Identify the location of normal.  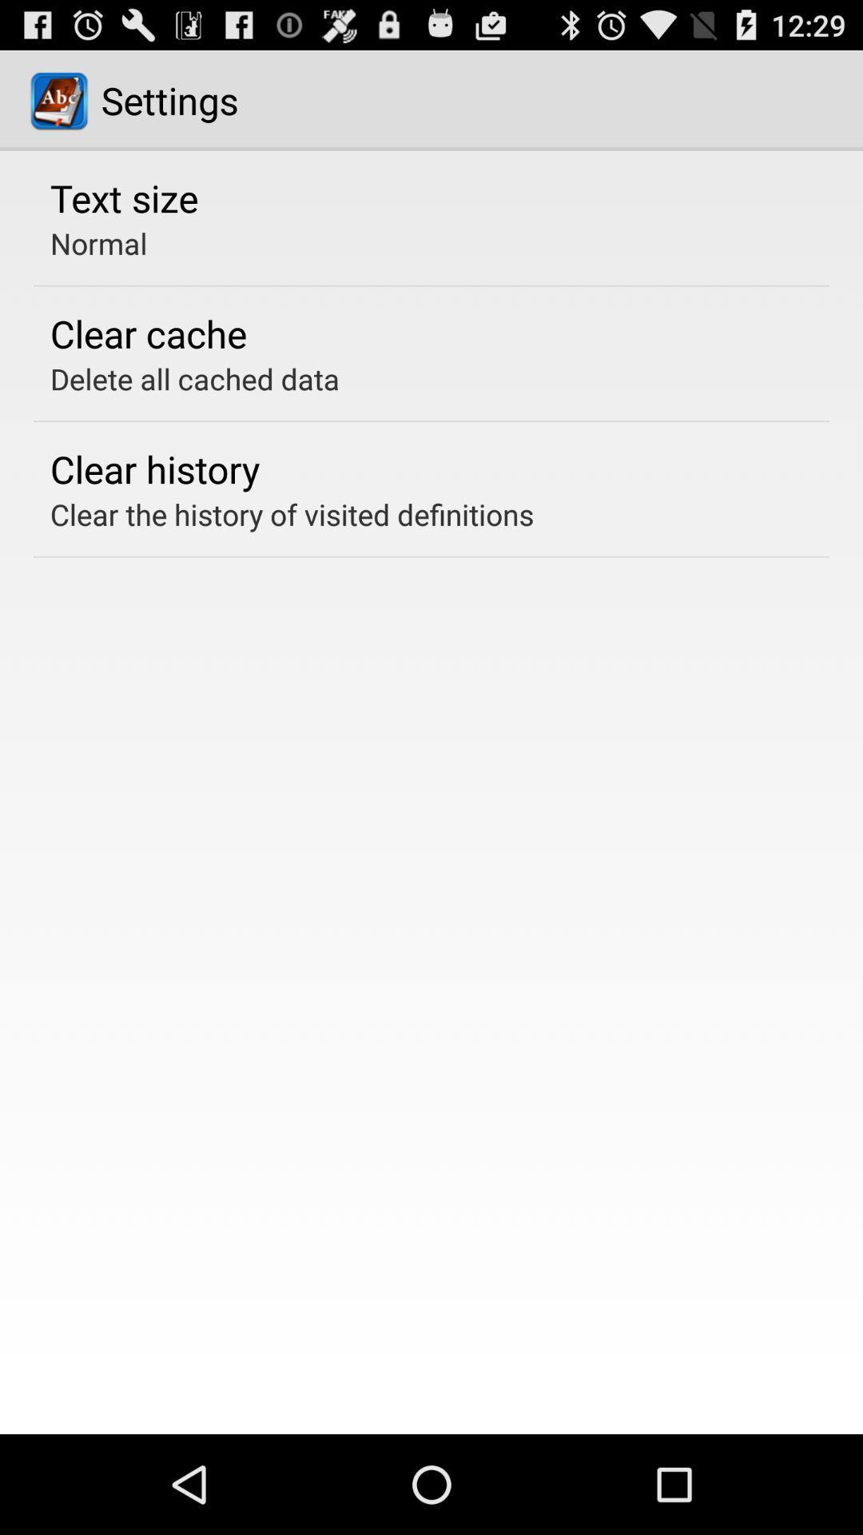
(98, 242).